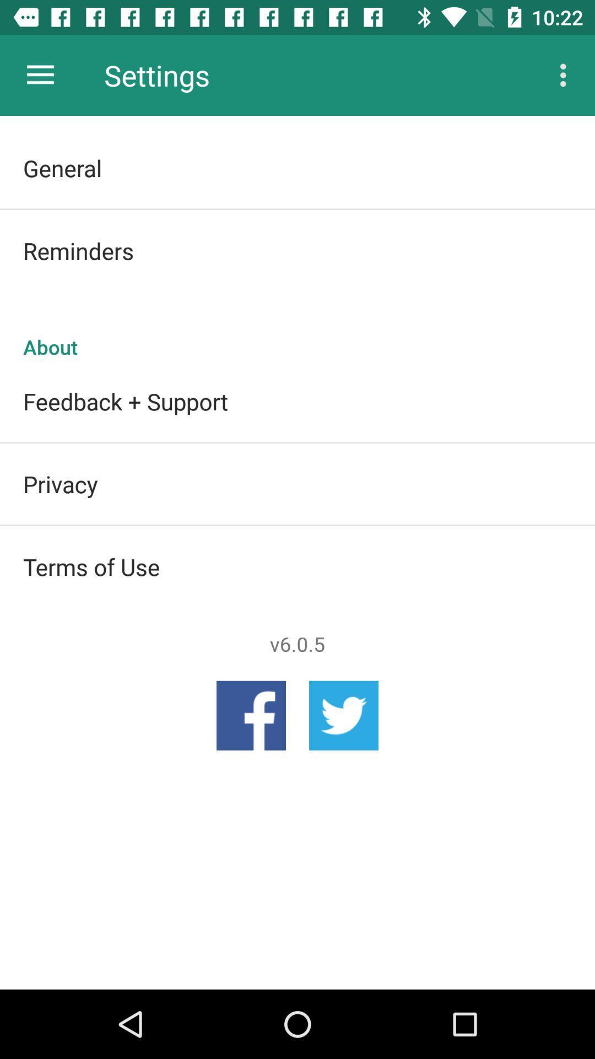 This screenshot has height=1059, width=595. Describe the element at coordinates (566, 74) in the screenshot. I see `icon to the right of settings app` at that location.